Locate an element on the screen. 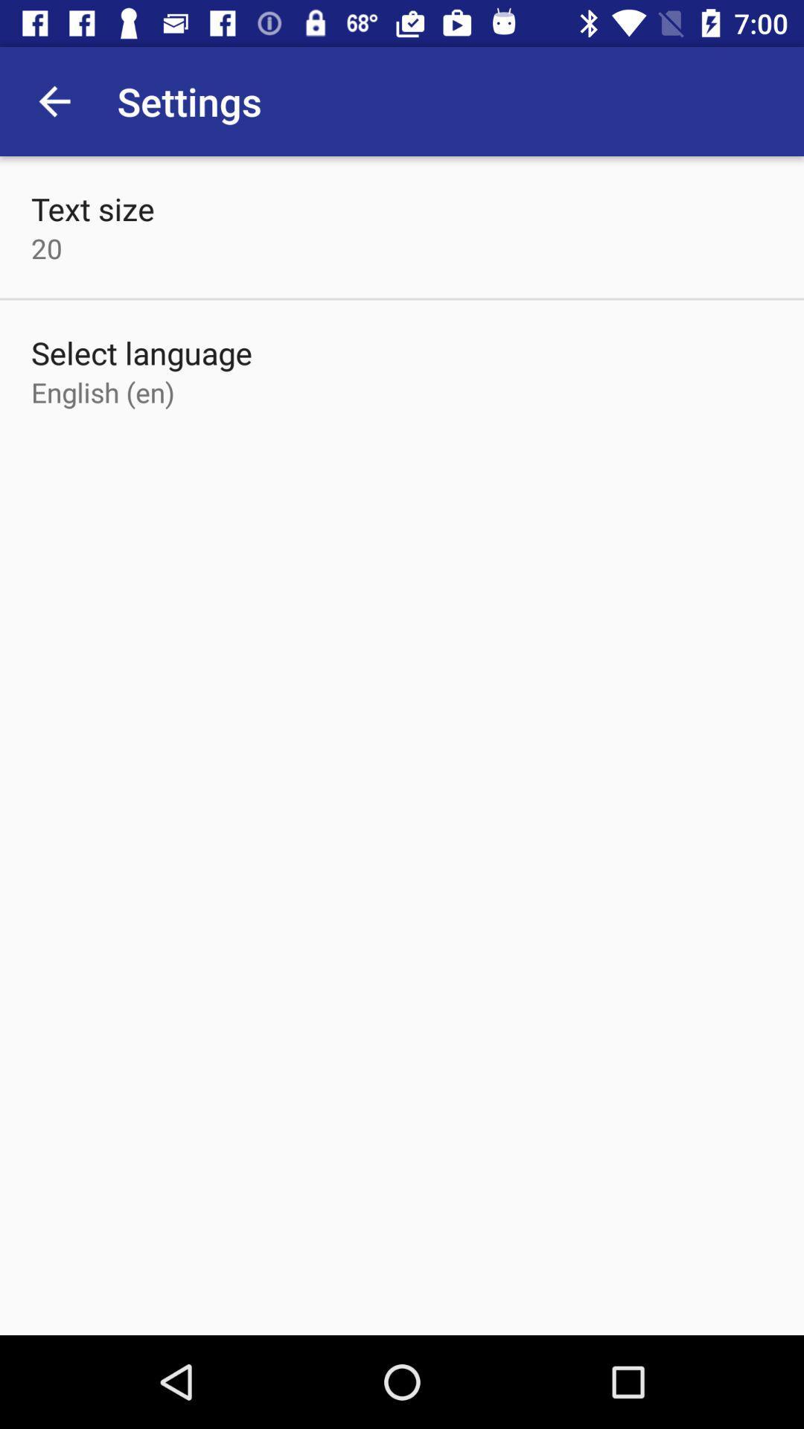 This screenshot has height=1429, width=804. the item below the select language item is located at coordinates (102, 392).